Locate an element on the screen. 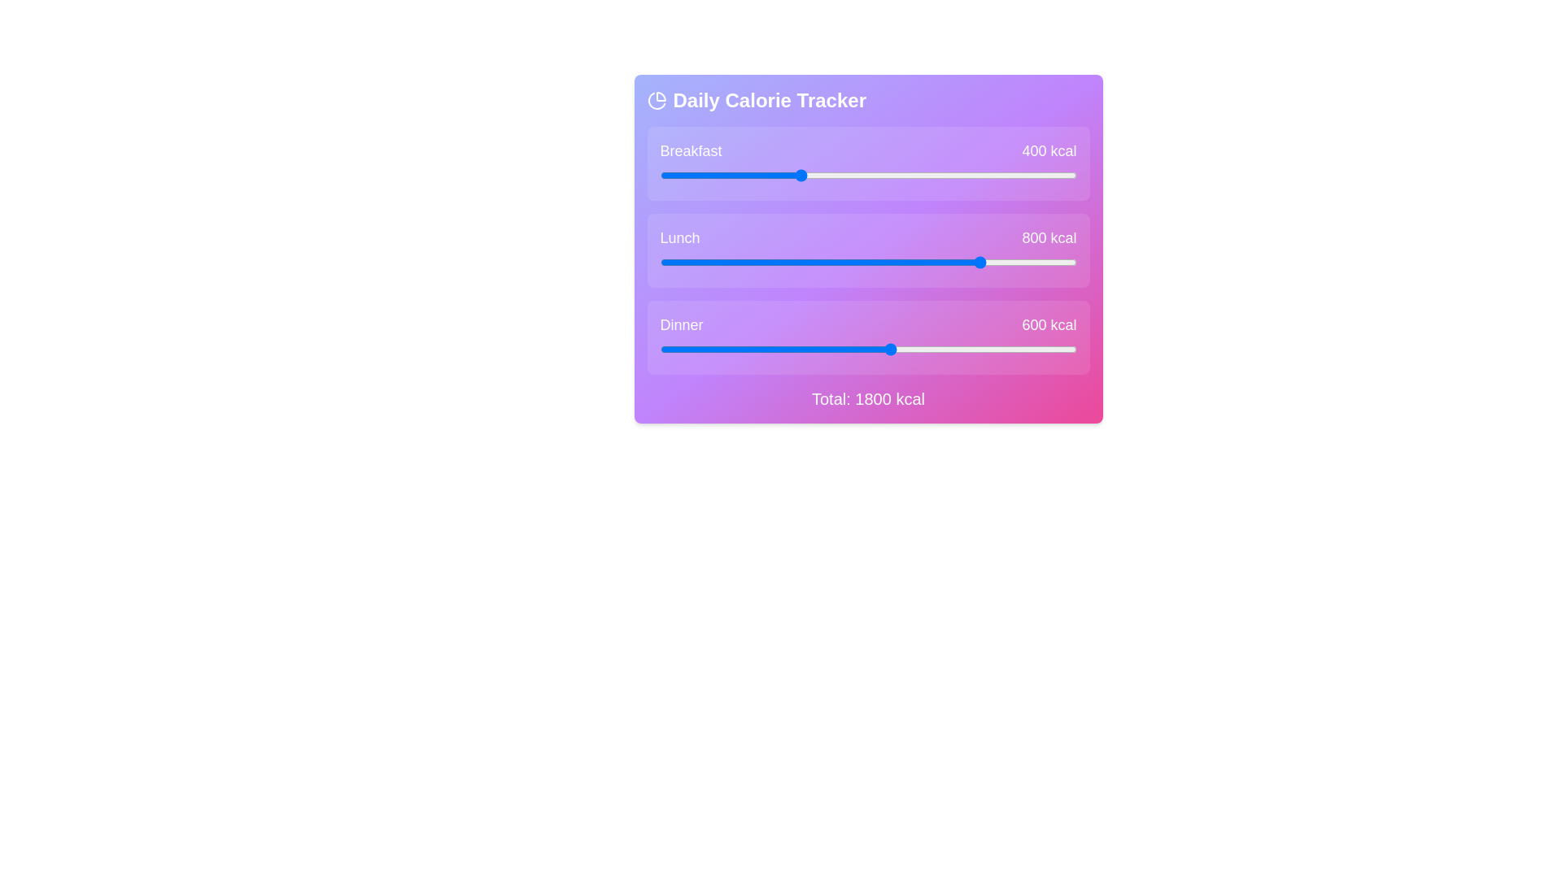  the Static Text Label displaying '800 kcal', which is positioned to the right of the 'Lunch' slider bar in the main interface area is located at coordinates (1049, 238).